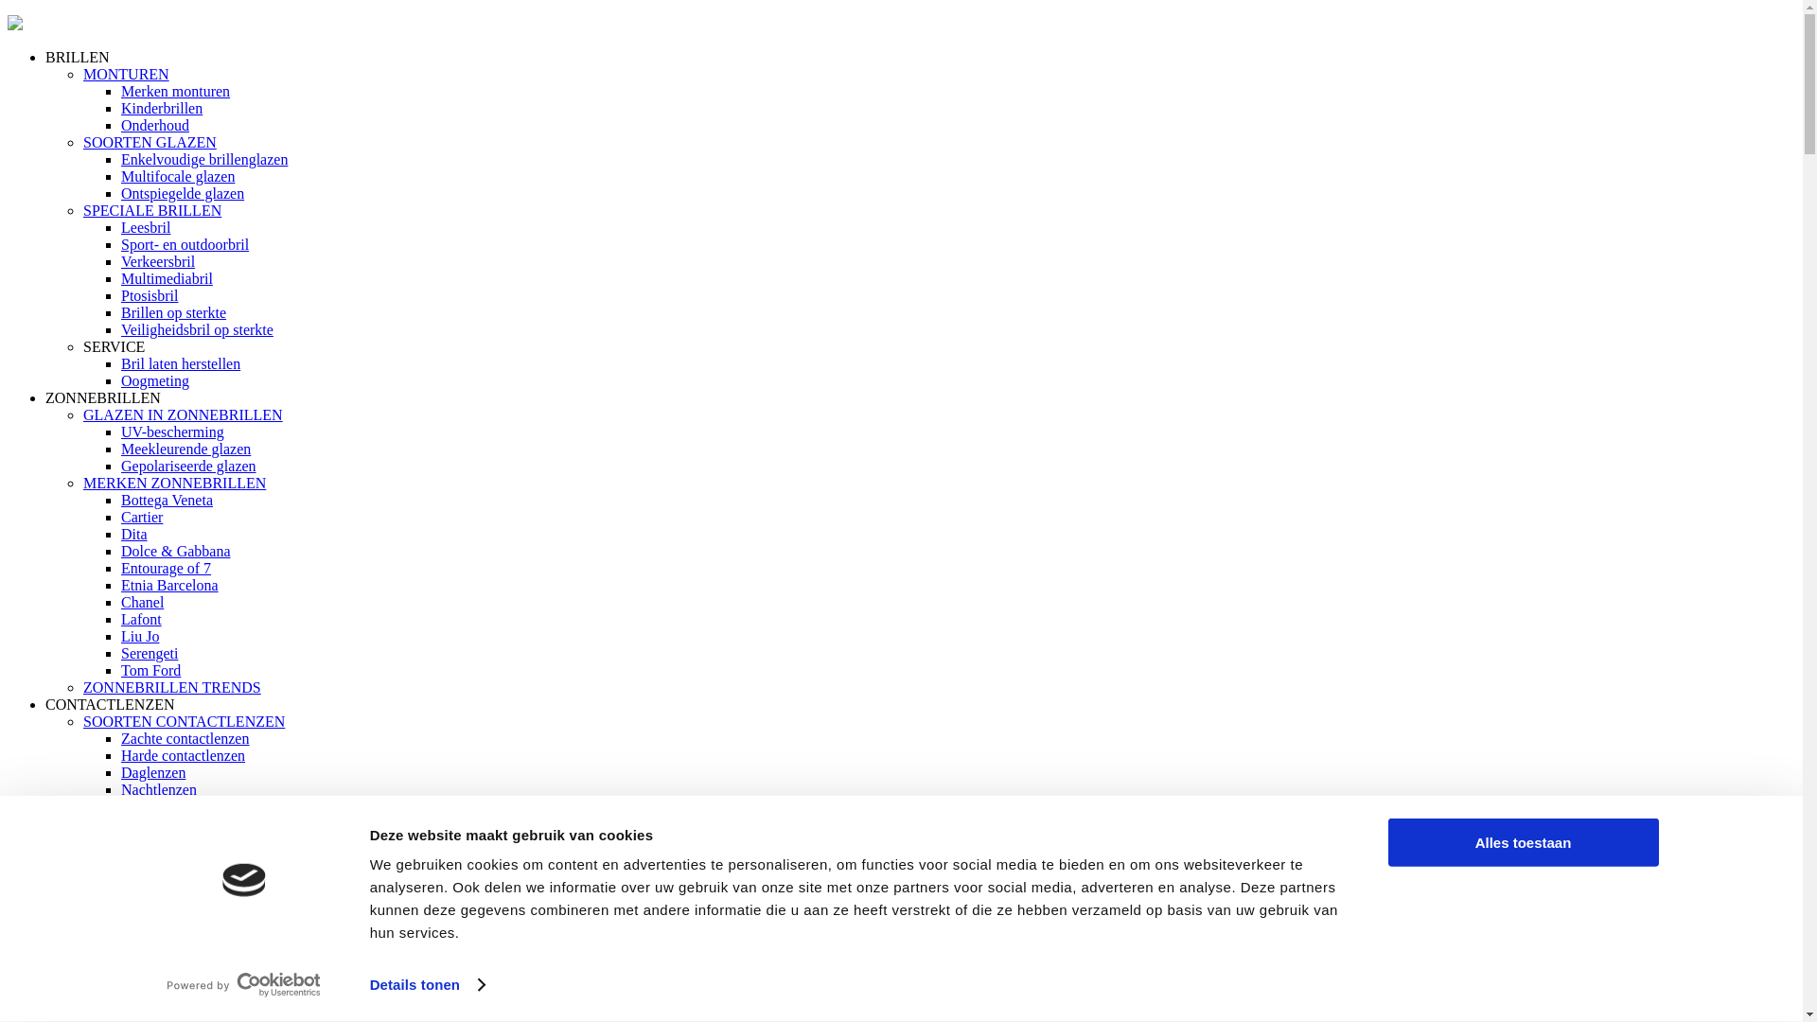  I want to click on 'Oogmeting', so click(154, 380).